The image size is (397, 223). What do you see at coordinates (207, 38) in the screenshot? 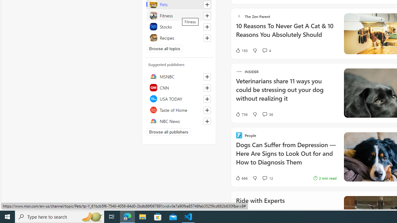
I see `'Follow this topic'` at bounding box center [207, 38].